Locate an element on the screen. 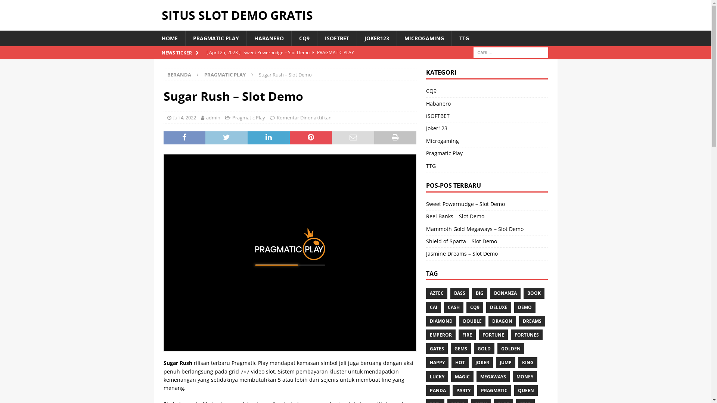  'KING' is located at coordinates (518, 362).